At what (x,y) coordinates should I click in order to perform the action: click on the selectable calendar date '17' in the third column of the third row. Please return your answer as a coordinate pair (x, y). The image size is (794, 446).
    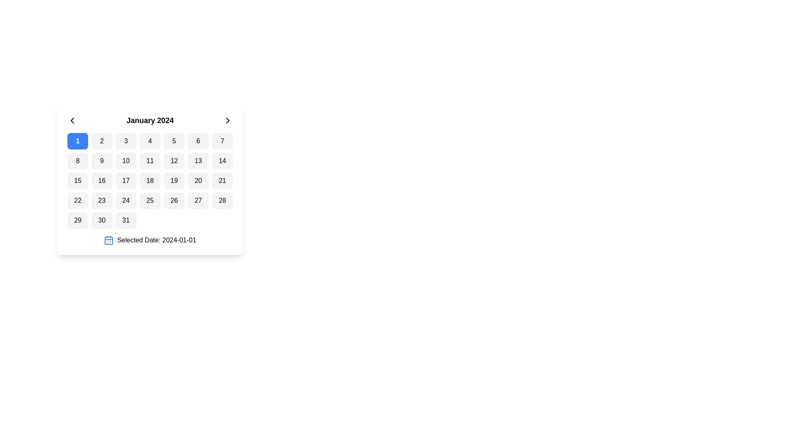
    Looking at the image, I should click on (125, 180).